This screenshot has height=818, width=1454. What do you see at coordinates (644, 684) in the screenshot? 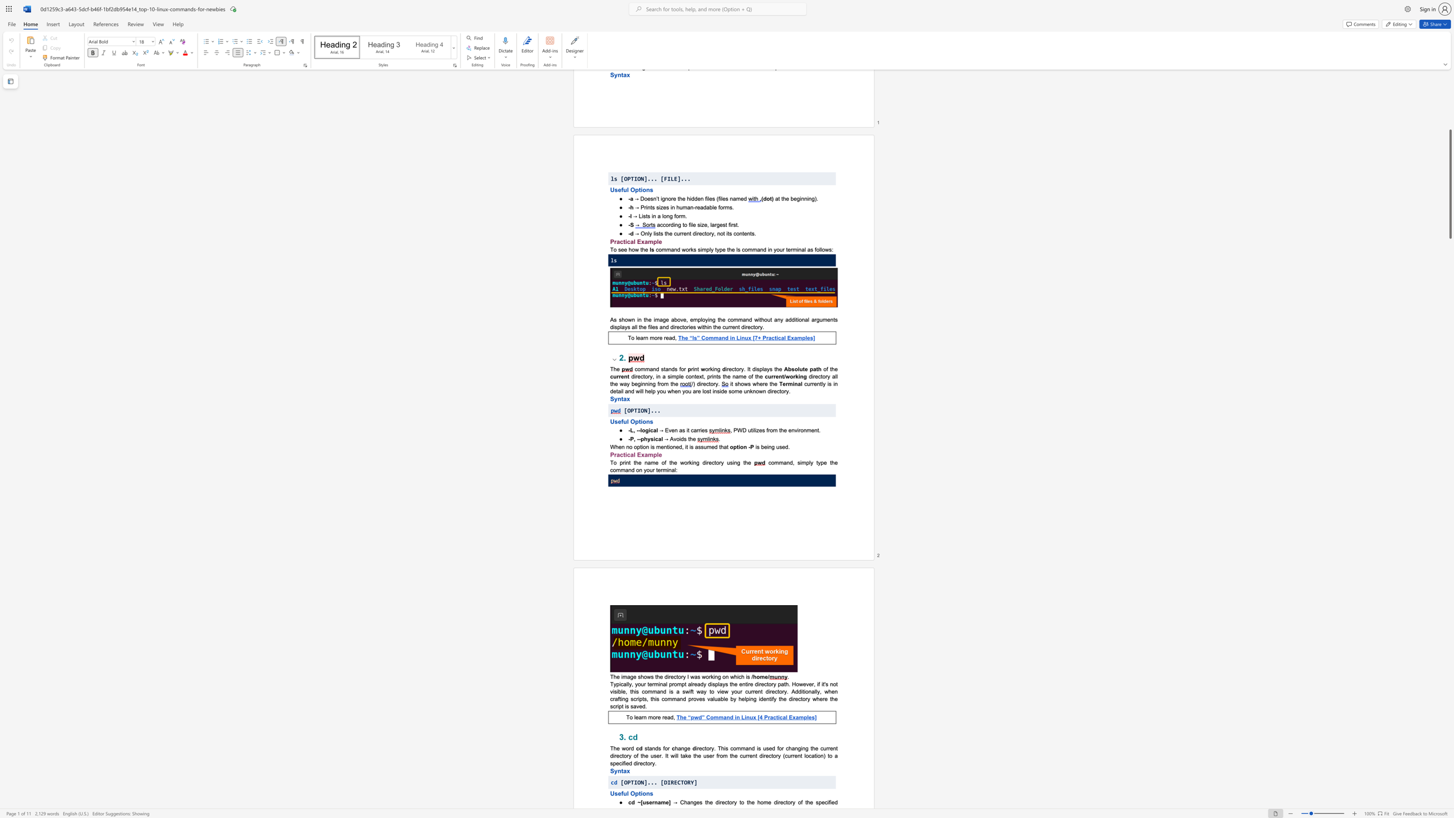
I see `the 1th character "r" in the text` at bounding box center [644, 684].